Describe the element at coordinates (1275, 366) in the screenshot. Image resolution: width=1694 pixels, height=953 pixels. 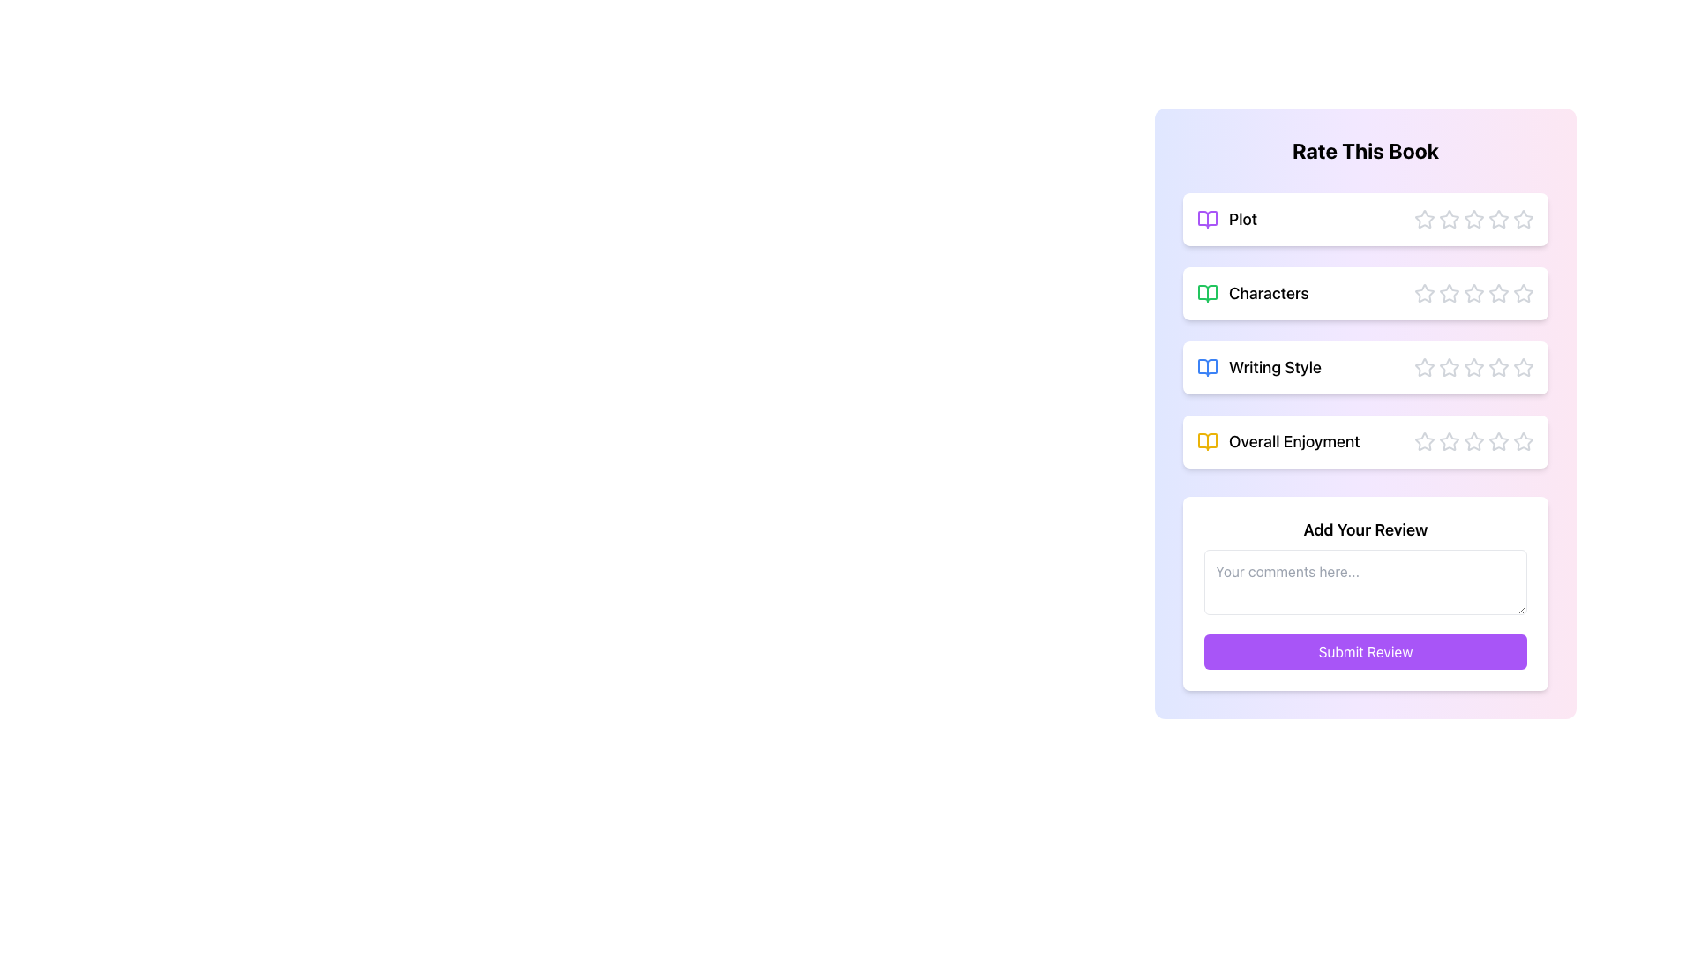
I see `the 'Writing Style' text label located in the third row of the rating section, which is aligned to the right of a blue book icon and above the rating stars` at that location.